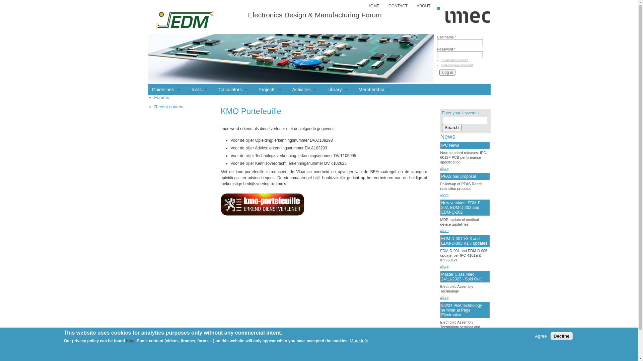 The image size is (643, 361). I want to click on 'Activities', so click(289, 89).